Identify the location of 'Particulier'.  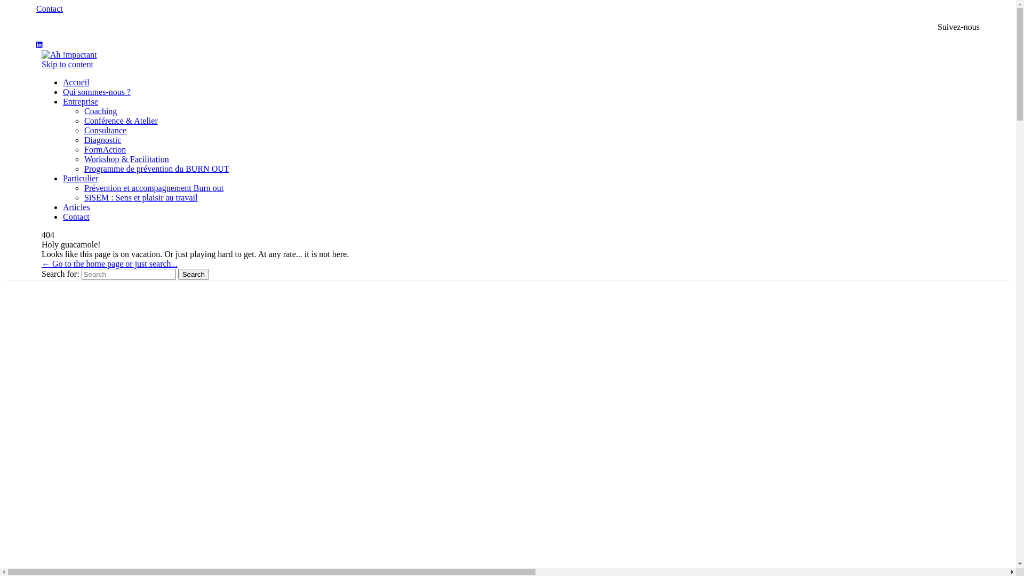
(80, 178).